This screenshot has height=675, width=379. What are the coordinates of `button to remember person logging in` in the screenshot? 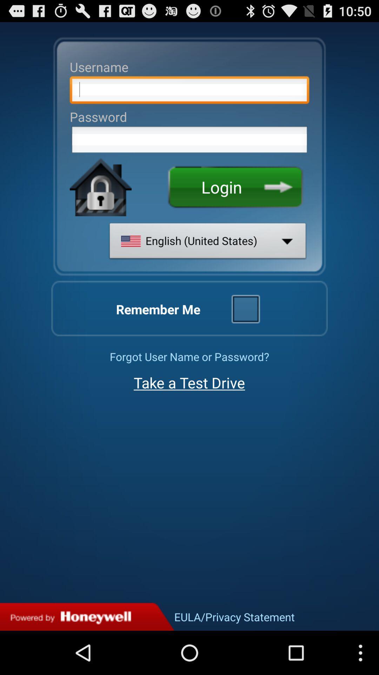 It's located at (245, 308).